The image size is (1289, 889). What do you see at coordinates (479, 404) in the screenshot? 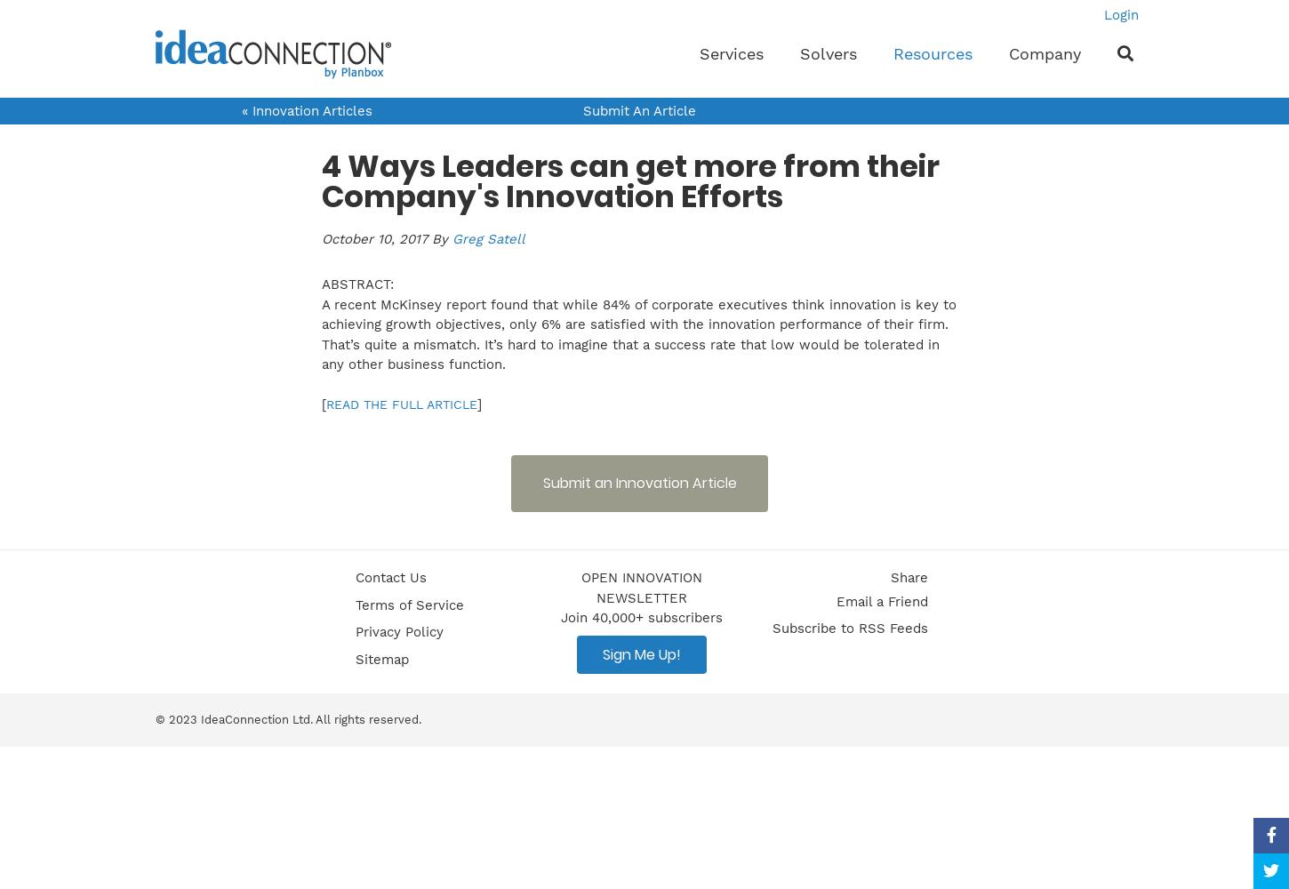
I see `']'` at bounding box center [479, 404].